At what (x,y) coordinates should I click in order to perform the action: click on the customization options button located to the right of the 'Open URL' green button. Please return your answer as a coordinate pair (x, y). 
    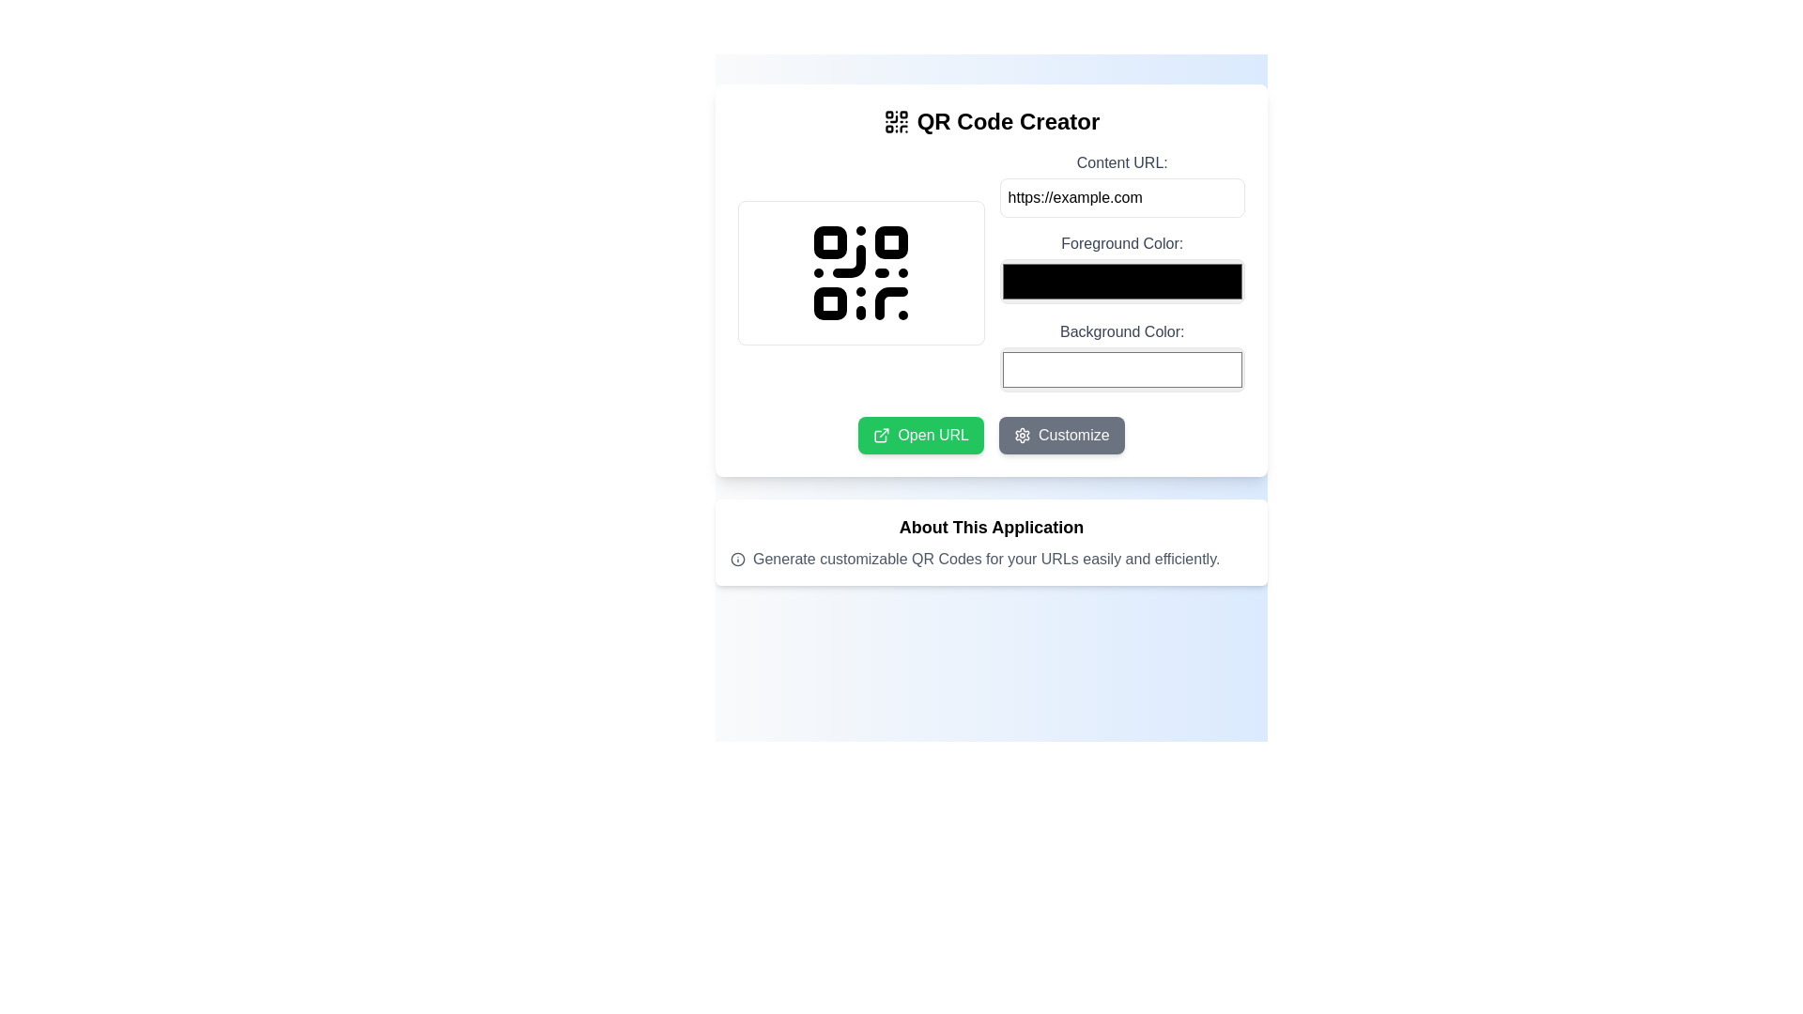
    Looking at the image, I should click on (1061, 435).